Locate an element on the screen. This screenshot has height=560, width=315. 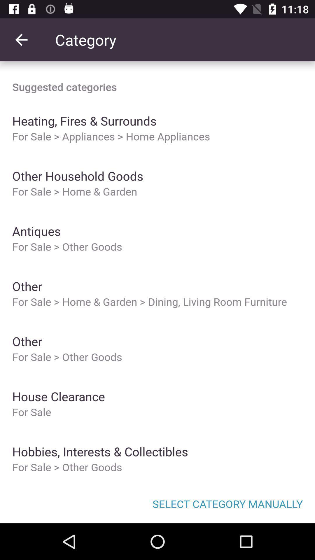
icon to the left of the category is located at coordinates (21, 39).